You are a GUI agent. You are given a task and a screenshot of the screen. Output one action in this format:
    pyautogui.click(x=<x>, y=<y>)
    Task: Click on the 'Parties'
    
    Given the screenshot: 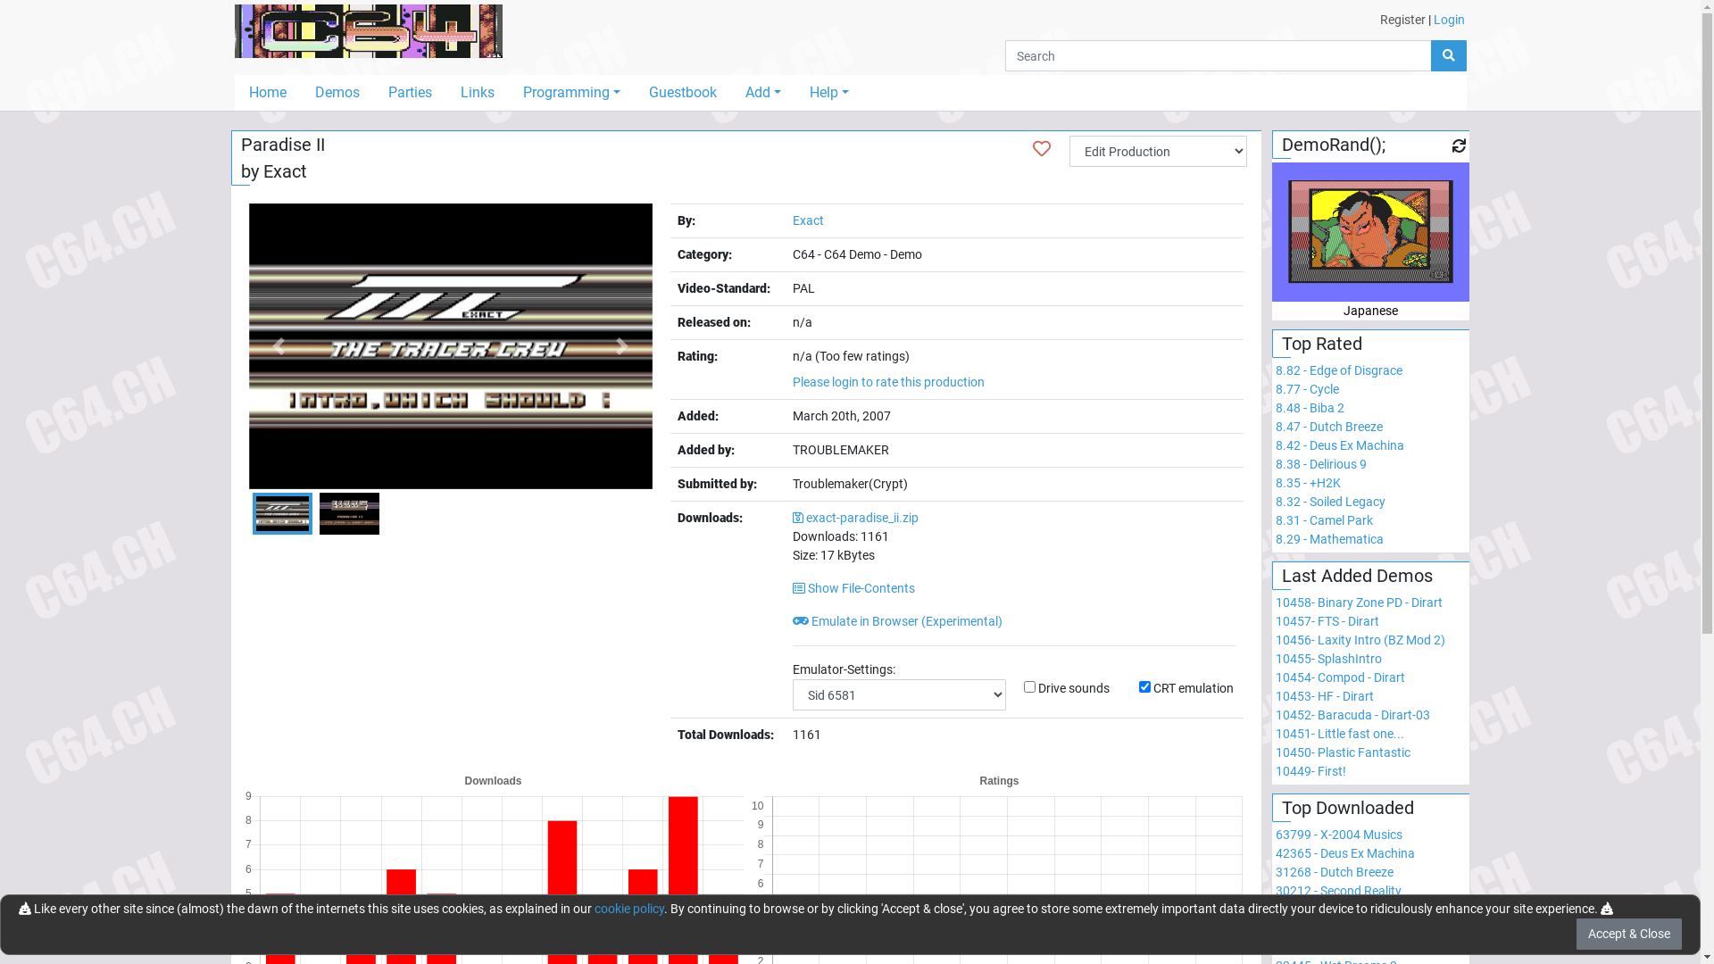 What is the action you would take?
    pyautogui.click(x=371, y=93)
    